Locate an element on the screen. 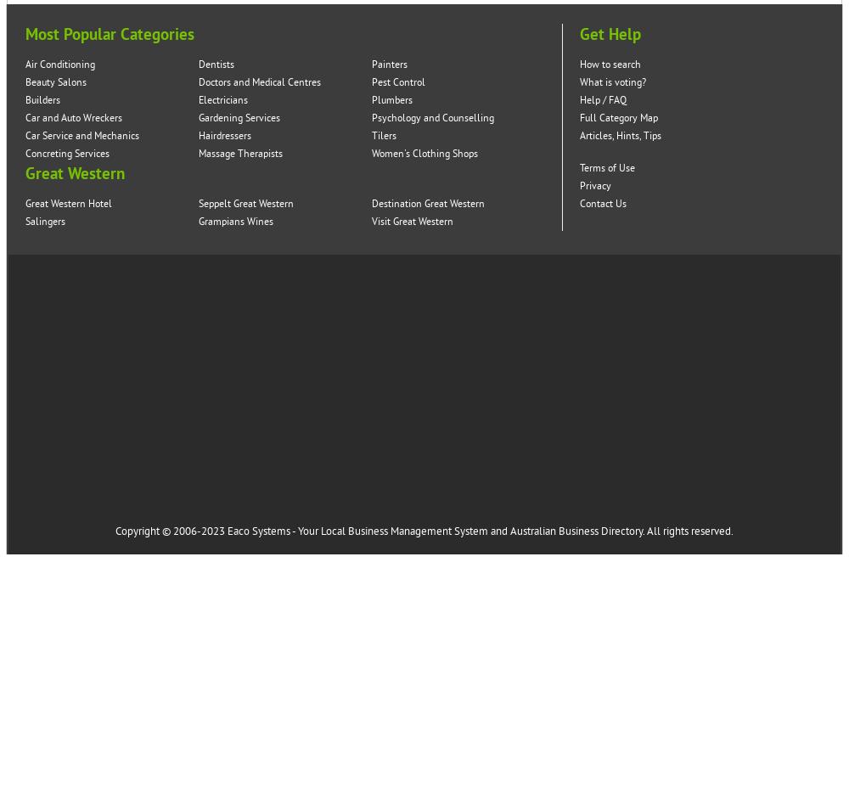 The height and width of the screenshot is (804, 849). 'How to search' is located at coordinates (610, 65).